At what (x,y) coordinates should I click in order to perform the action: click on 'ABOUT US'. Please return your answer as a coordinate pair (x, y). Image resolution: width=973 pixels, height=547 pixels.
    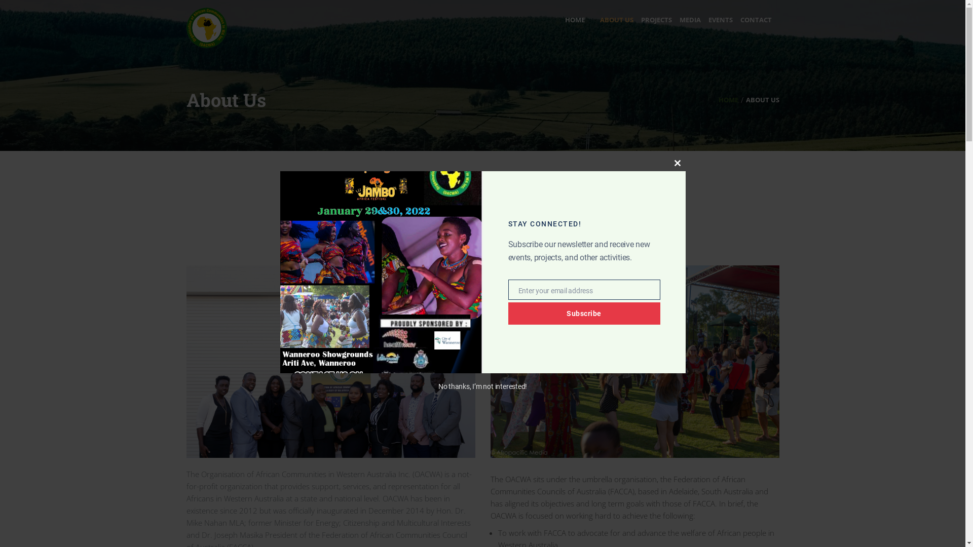
    Looking at the image, I should click on (591, 20).